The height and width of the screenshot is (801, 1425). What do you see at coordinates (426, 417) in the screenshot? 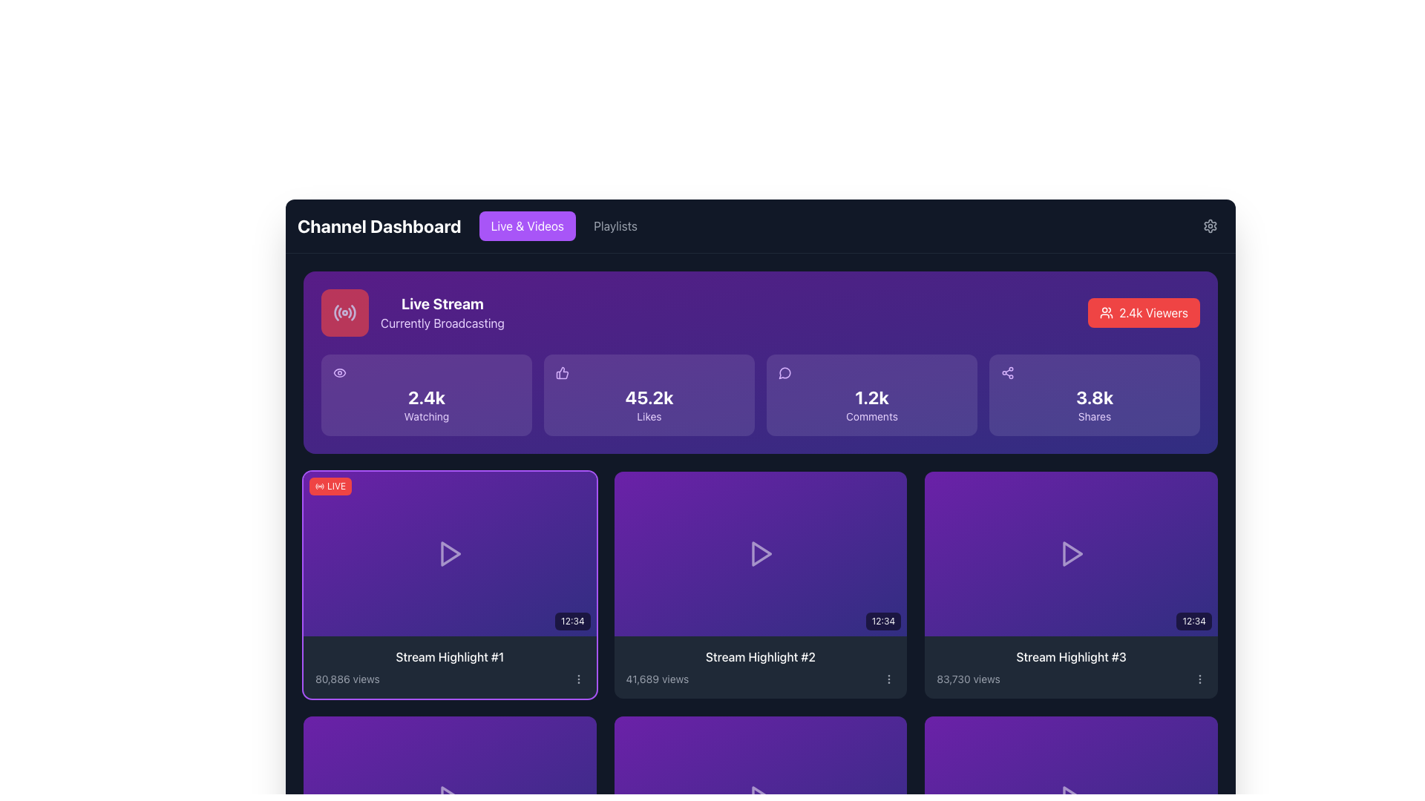
I see `the text label 'Watching' in purple font color, which is located beneath the bold white numeric value '2.4k' and is the last element in its information card` at bounding box center [426, 417].